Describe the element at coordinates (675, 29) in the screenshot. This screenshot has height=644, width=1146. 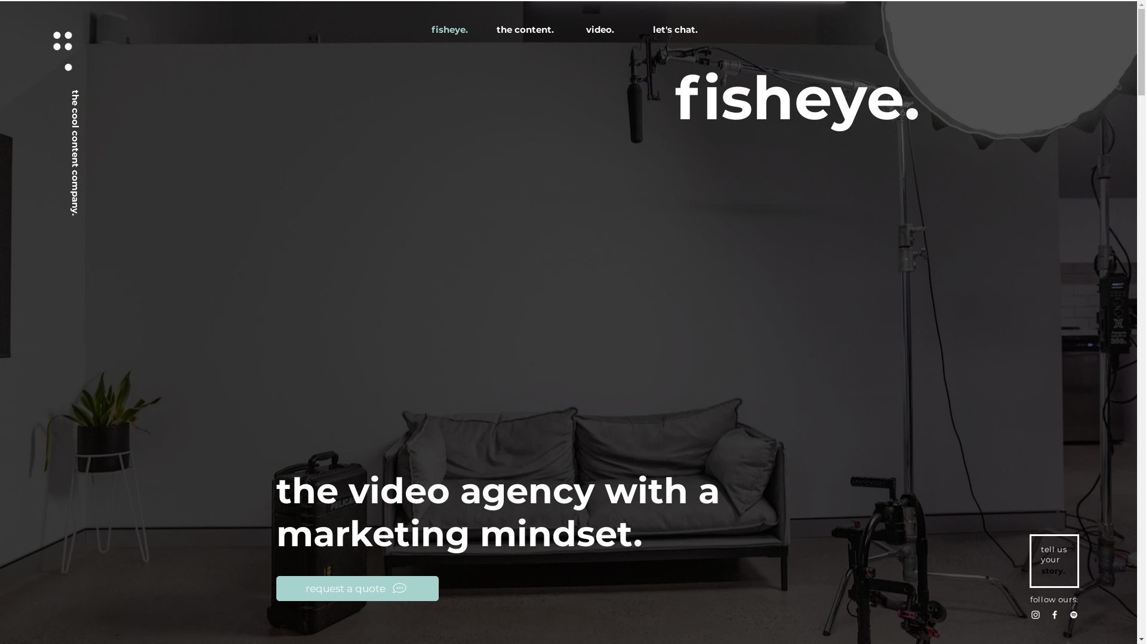
I see `'let's chat.'` at that location.